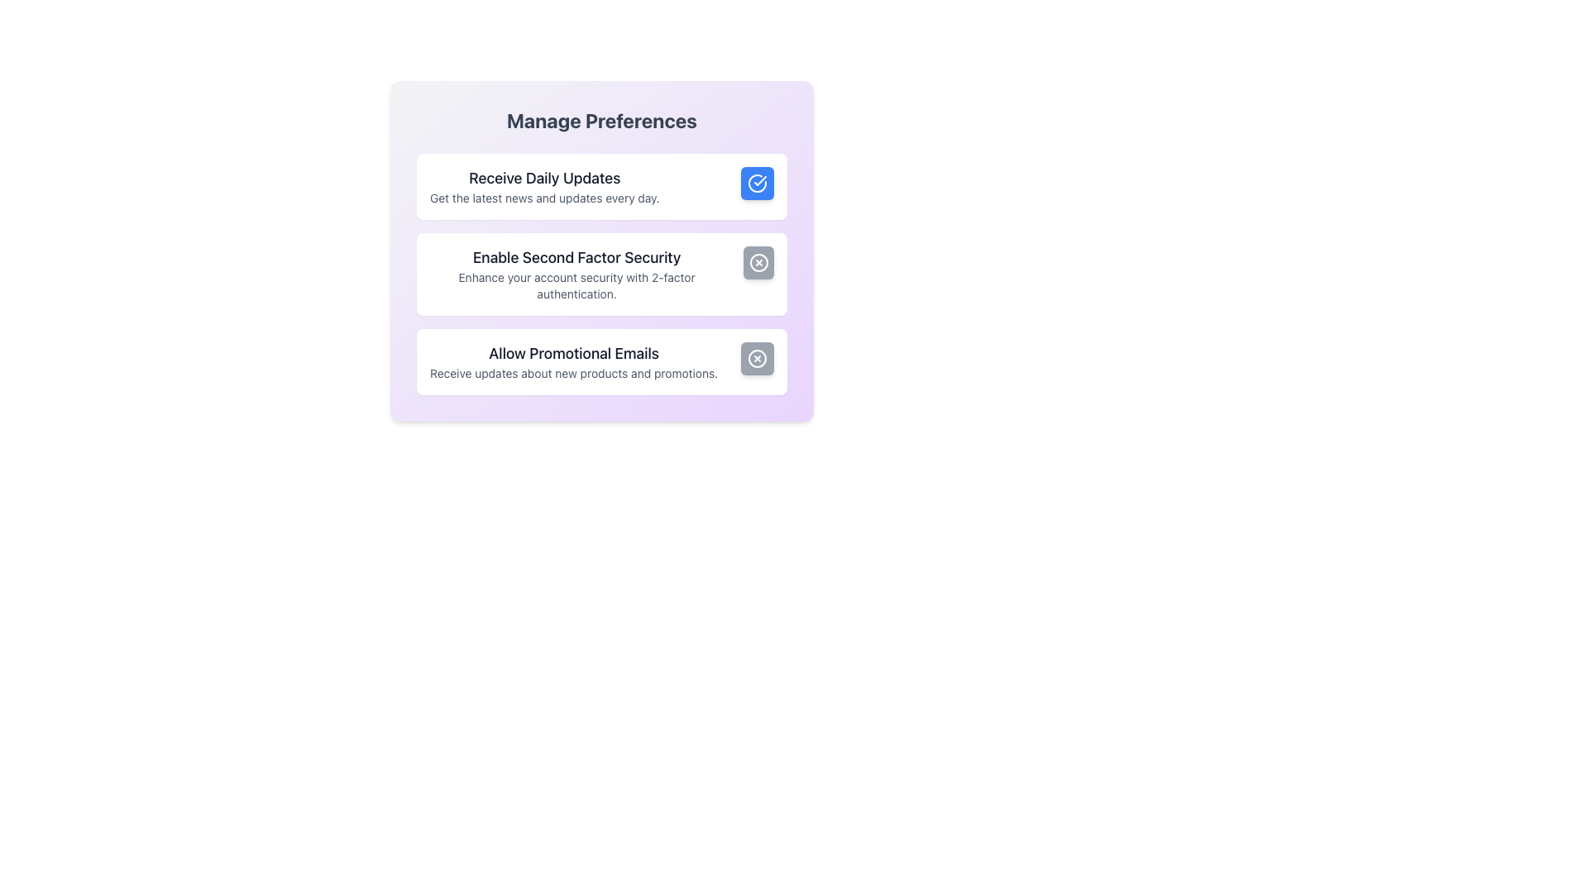 The image size is (1588, 893). Describe the element at coordinates (757, 184) in the screenshot. I see `the blue circular button with a white checkmark icon` at that location.